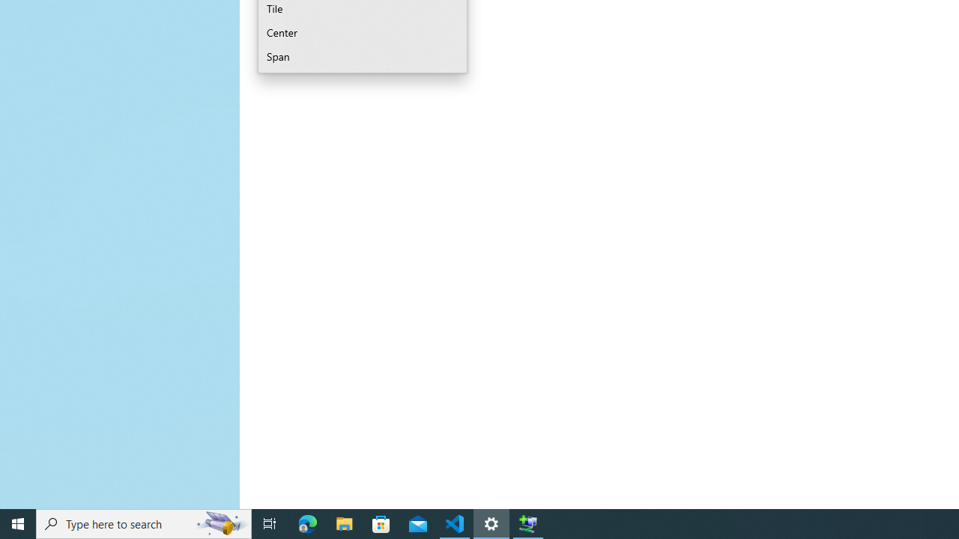 The image size is (959, 539). Describe the element at coordinates (363, 57) in the screenshot. I see `'Span'` at that location.